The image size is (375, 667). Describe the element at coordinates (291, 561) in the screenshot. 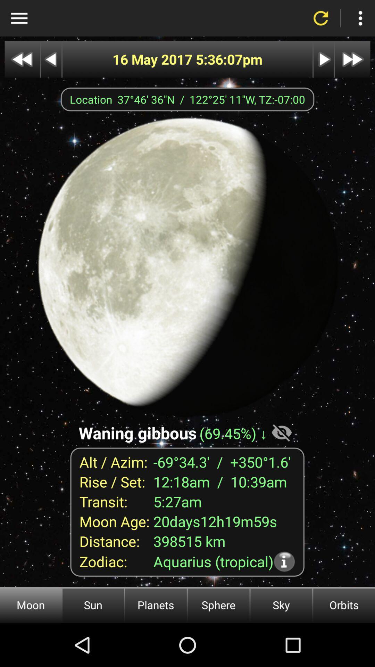

I see `the info icon` at that location.